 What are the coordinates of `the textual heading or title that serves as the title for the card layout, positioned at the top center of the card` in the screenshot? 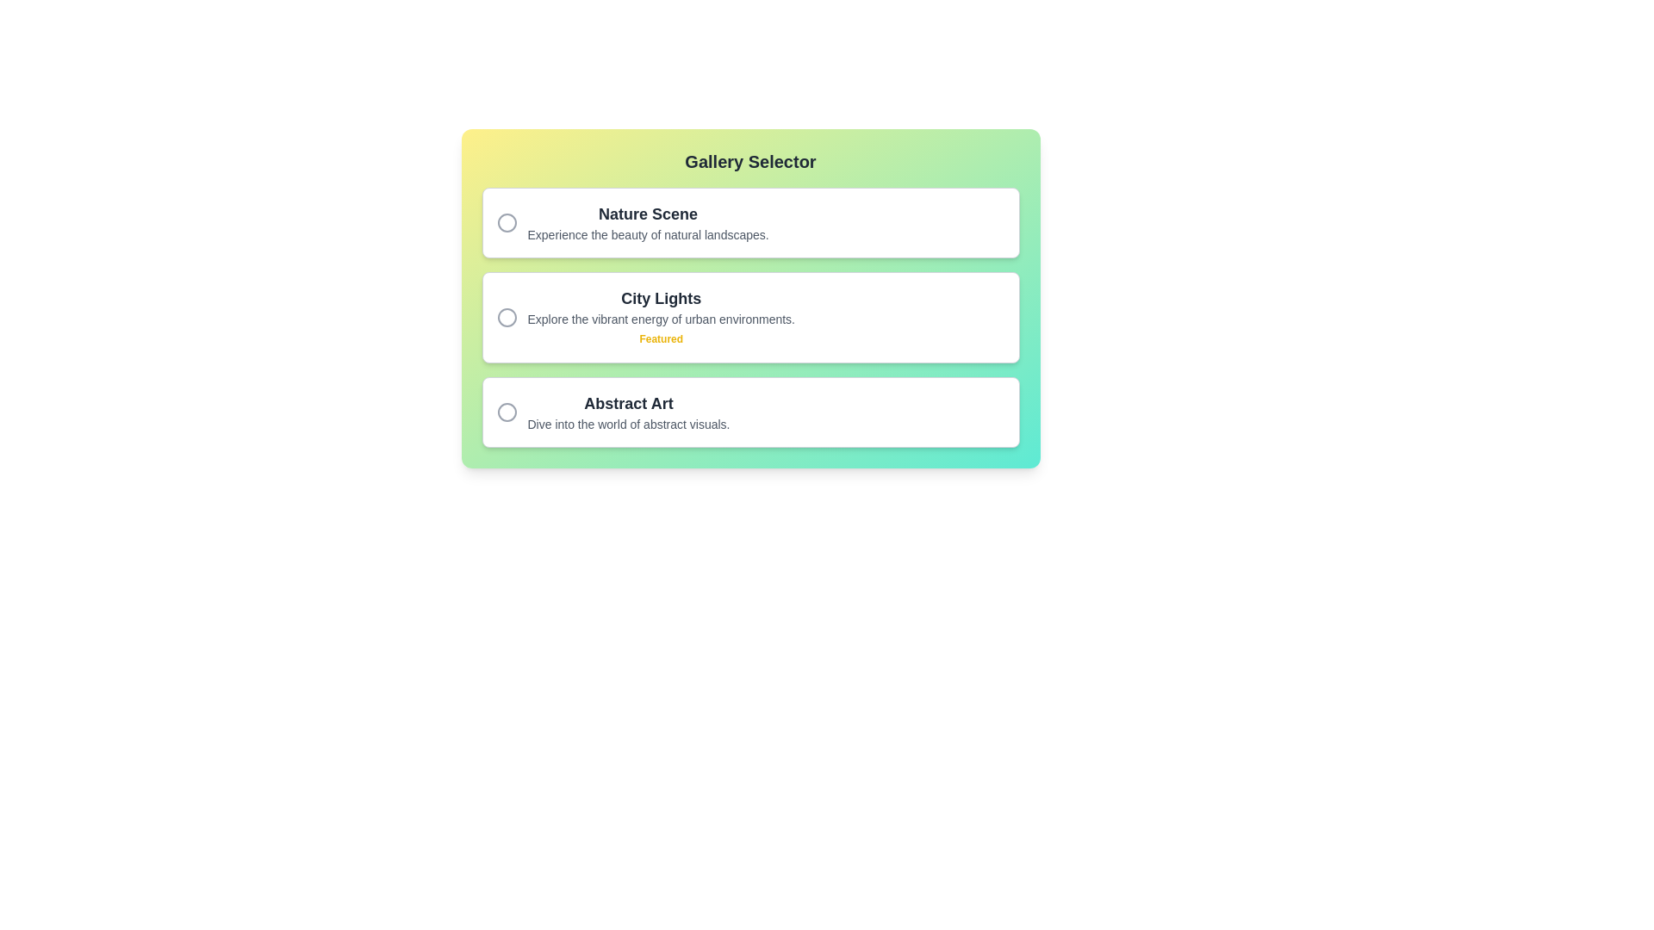 It's located at (750, 162).